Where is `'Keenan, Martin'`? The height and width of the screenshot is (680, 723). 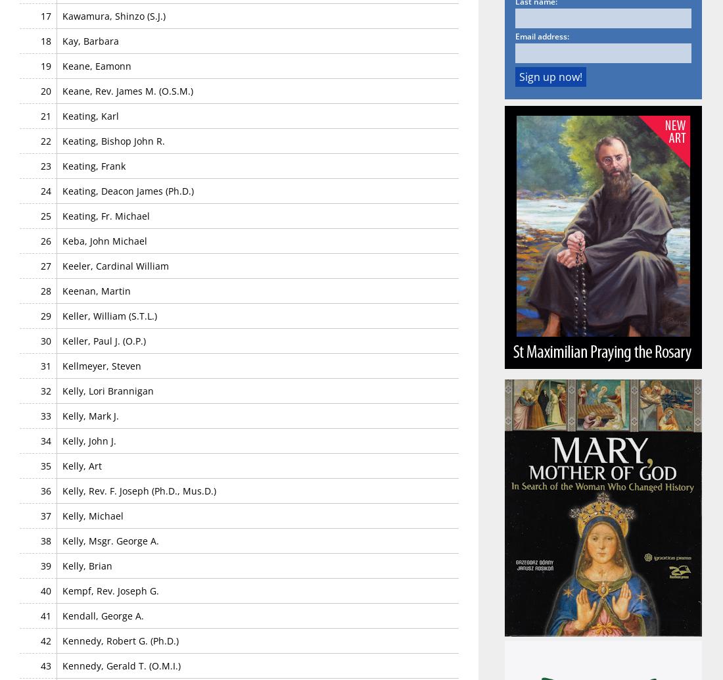
'Keenan, Martin' is located at coordinates (95, 289).